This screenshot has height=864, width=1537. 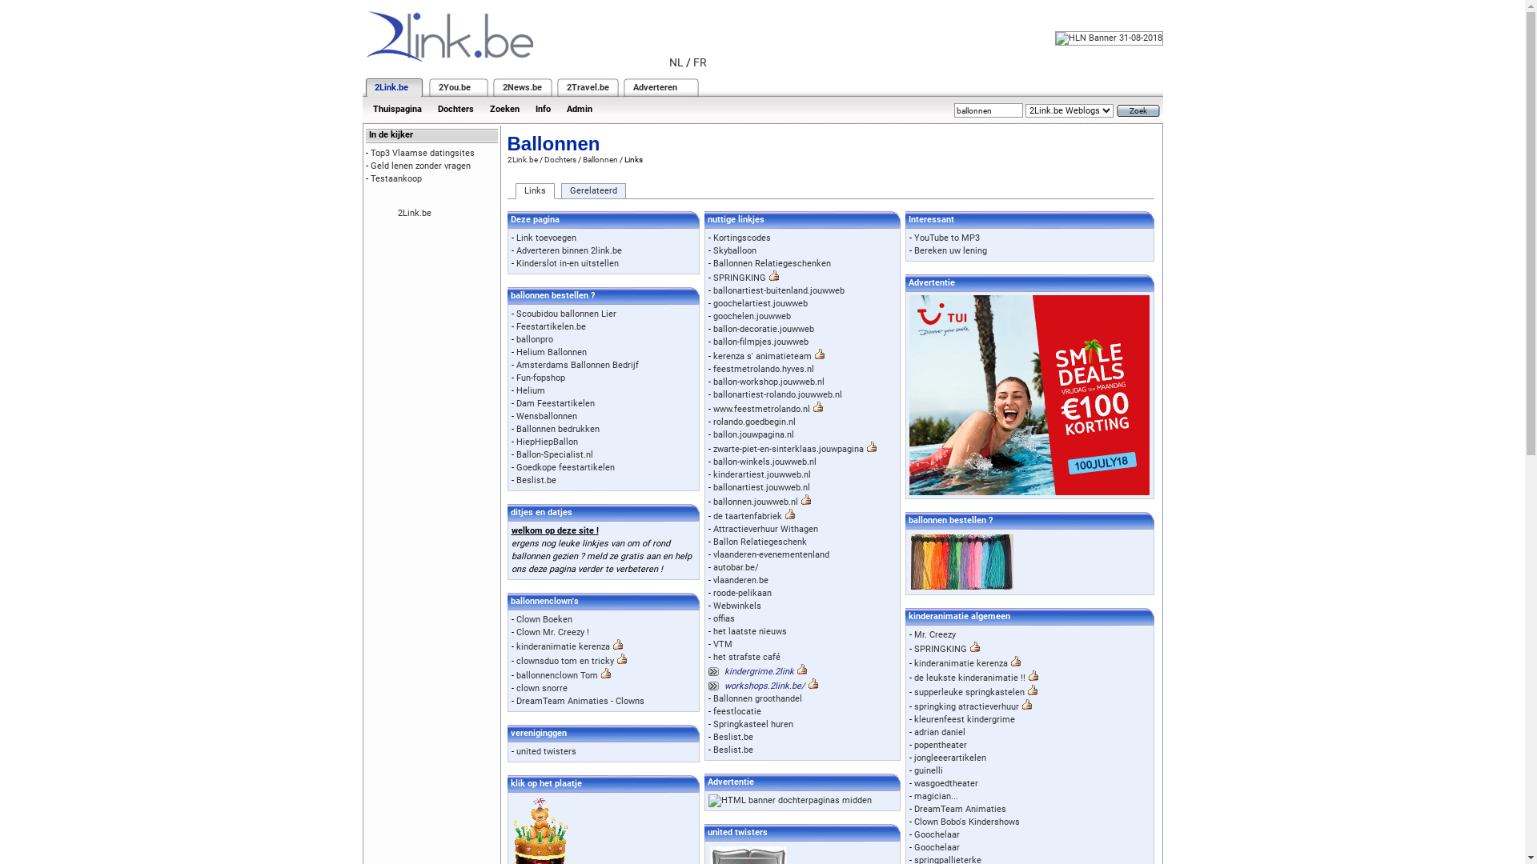 I want to click on 'Wensballonnen', so click(x=545, y=415).